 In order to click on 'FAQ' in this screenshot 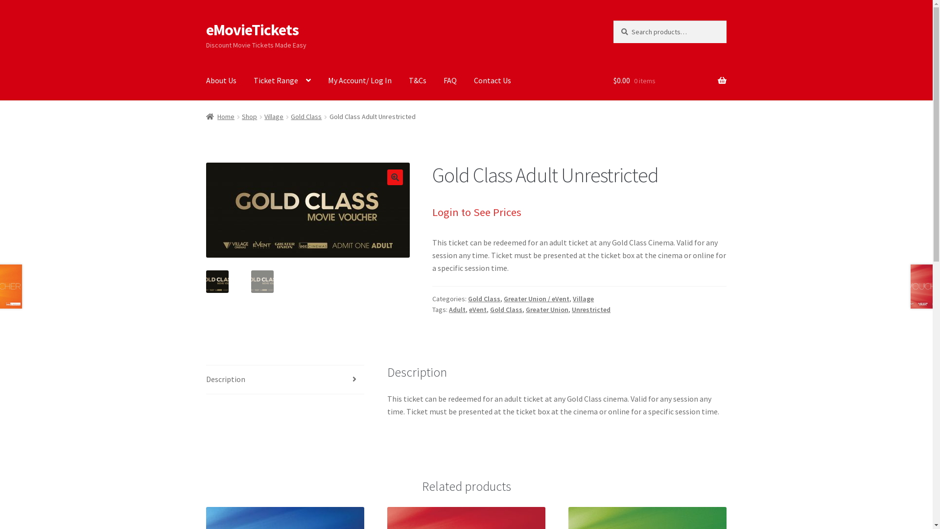, I will do `click(449, 80)`.